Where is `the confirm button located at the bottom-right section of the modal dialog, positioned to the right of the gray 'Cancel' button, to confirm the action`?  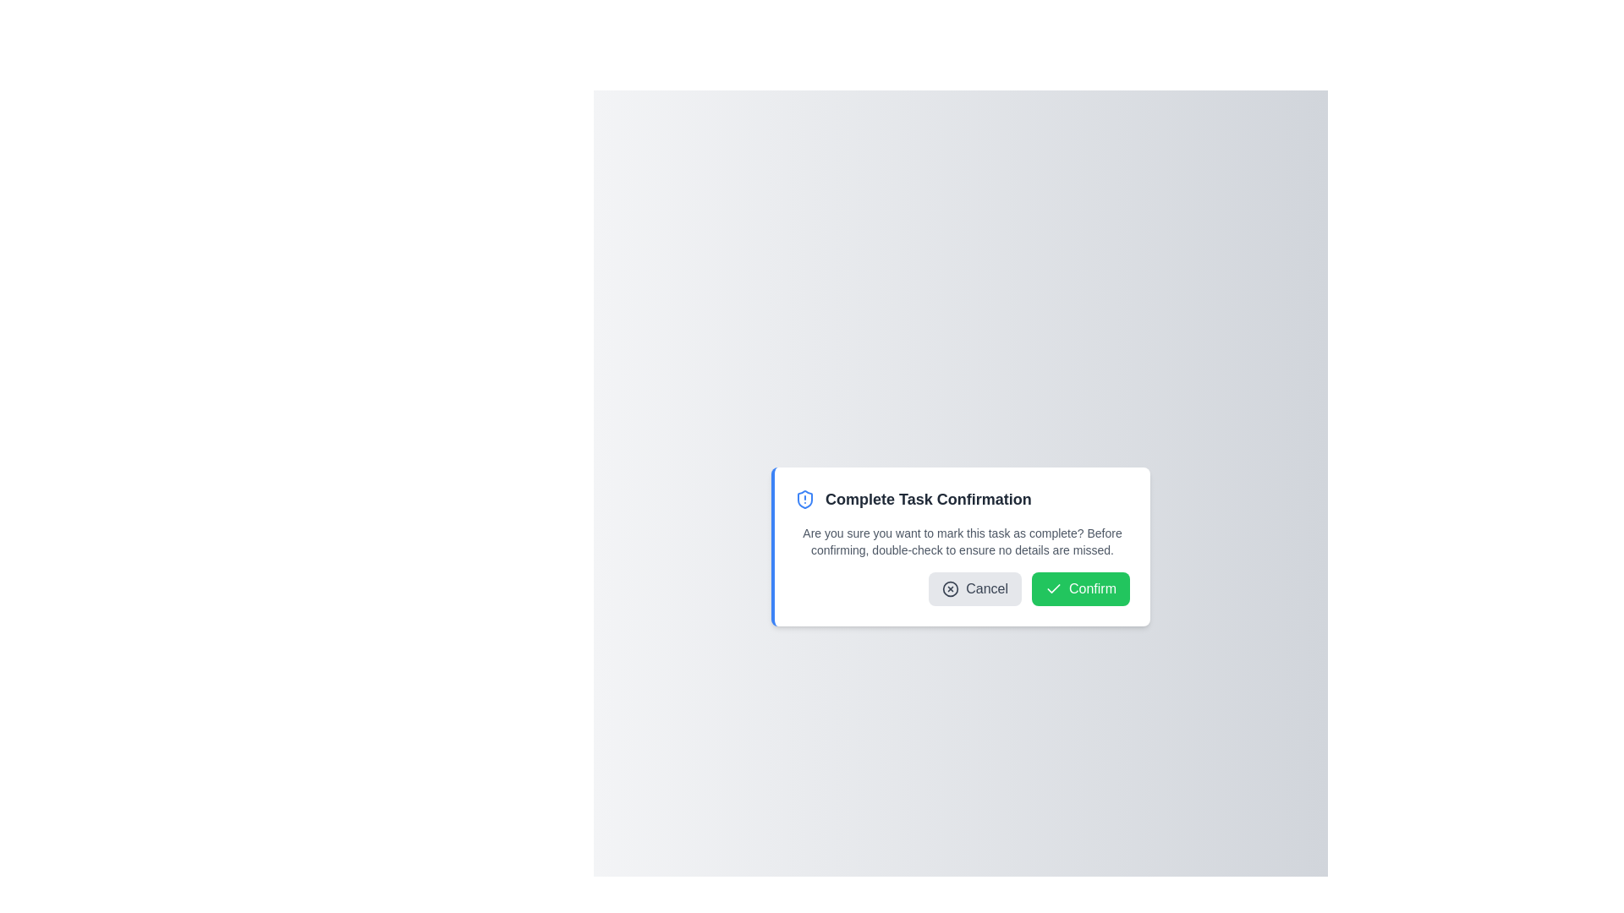
the confirm button located at the bottom-right section of the modal dialog, positioned to the right of the gray 'Cancel' button, to confirm the action is located at coordinates (1079, 588).